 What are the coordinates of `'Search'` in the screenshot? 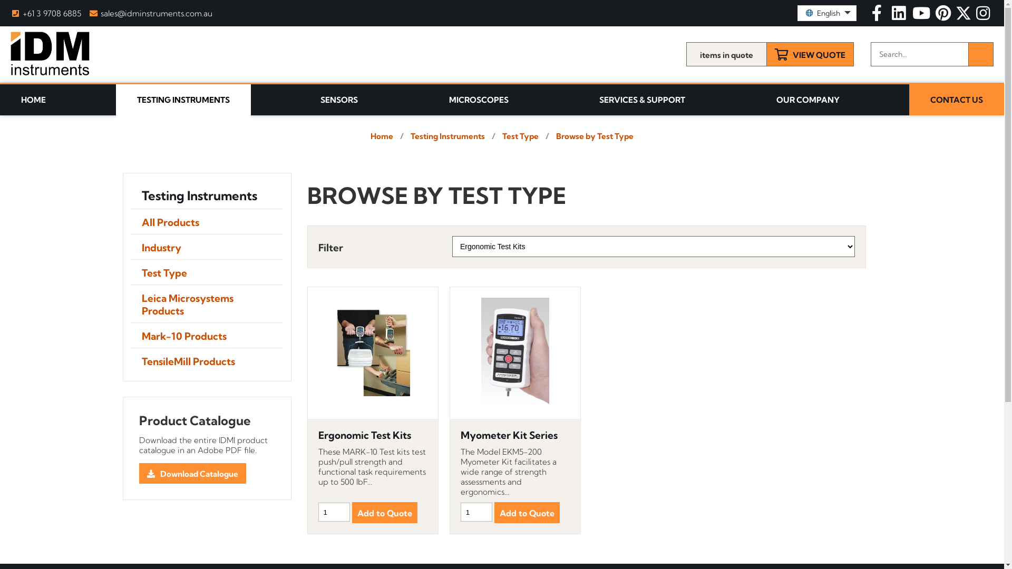 It's located at (980, 54).